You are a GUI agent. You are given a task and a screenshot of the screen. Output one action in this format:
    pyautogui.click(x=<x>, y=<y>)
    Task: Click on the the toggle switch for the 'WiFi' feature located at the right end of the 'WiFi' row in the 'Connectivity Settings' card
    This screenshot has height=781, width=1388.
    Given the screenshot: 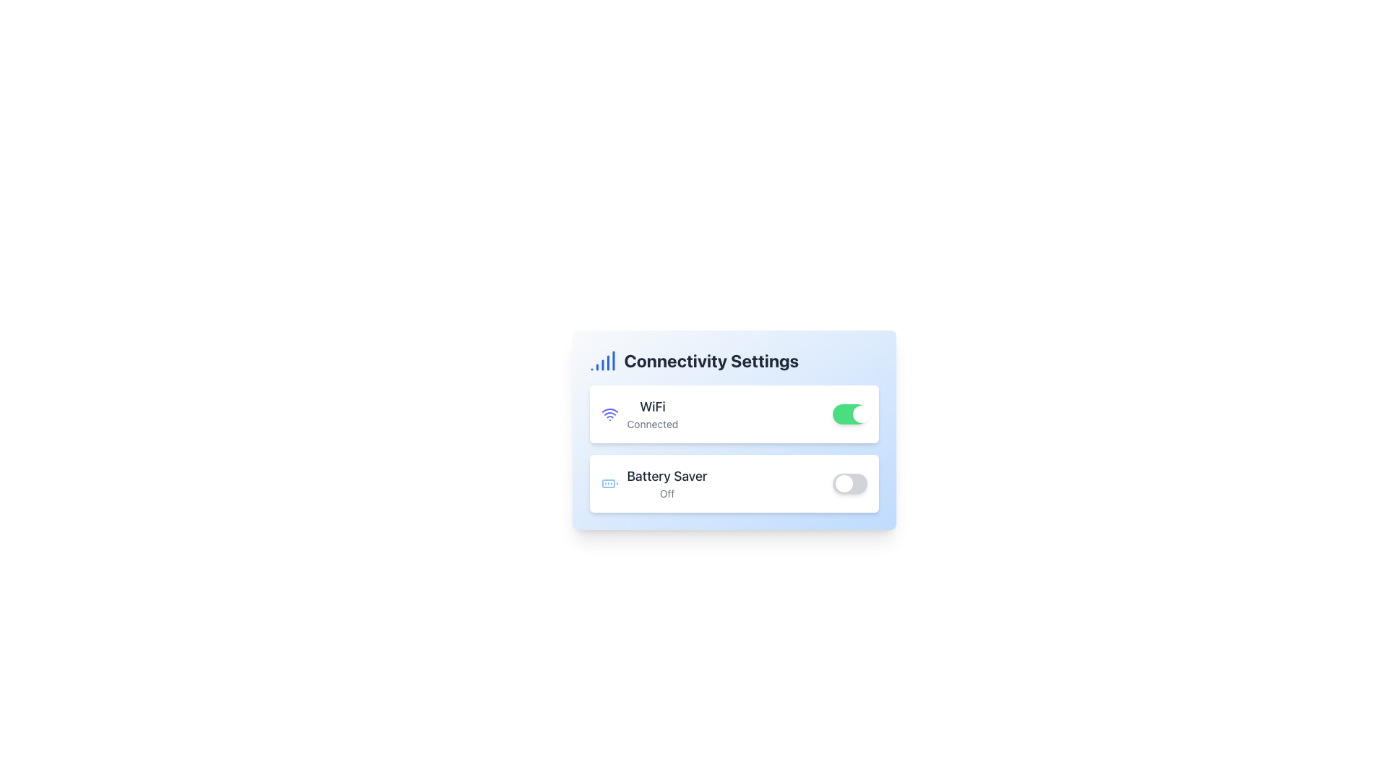 What is the action you would take?
    pyautogui.click(x=849, y=414)
    